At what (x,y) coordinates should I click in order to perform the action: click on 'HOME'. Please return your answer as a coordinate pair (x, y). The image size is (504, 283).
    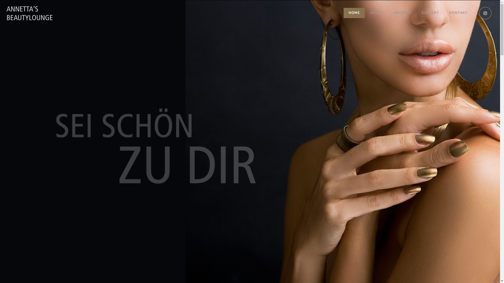
    Looking at the image, I should click on (354, 13).